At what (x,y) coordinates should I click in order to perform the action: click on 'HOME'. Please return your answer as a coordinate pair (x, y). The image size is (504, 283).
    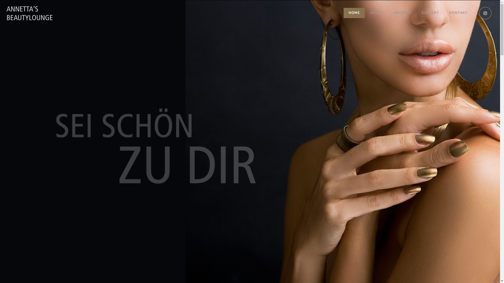
    Looking at the image, I should click on (354, 13).